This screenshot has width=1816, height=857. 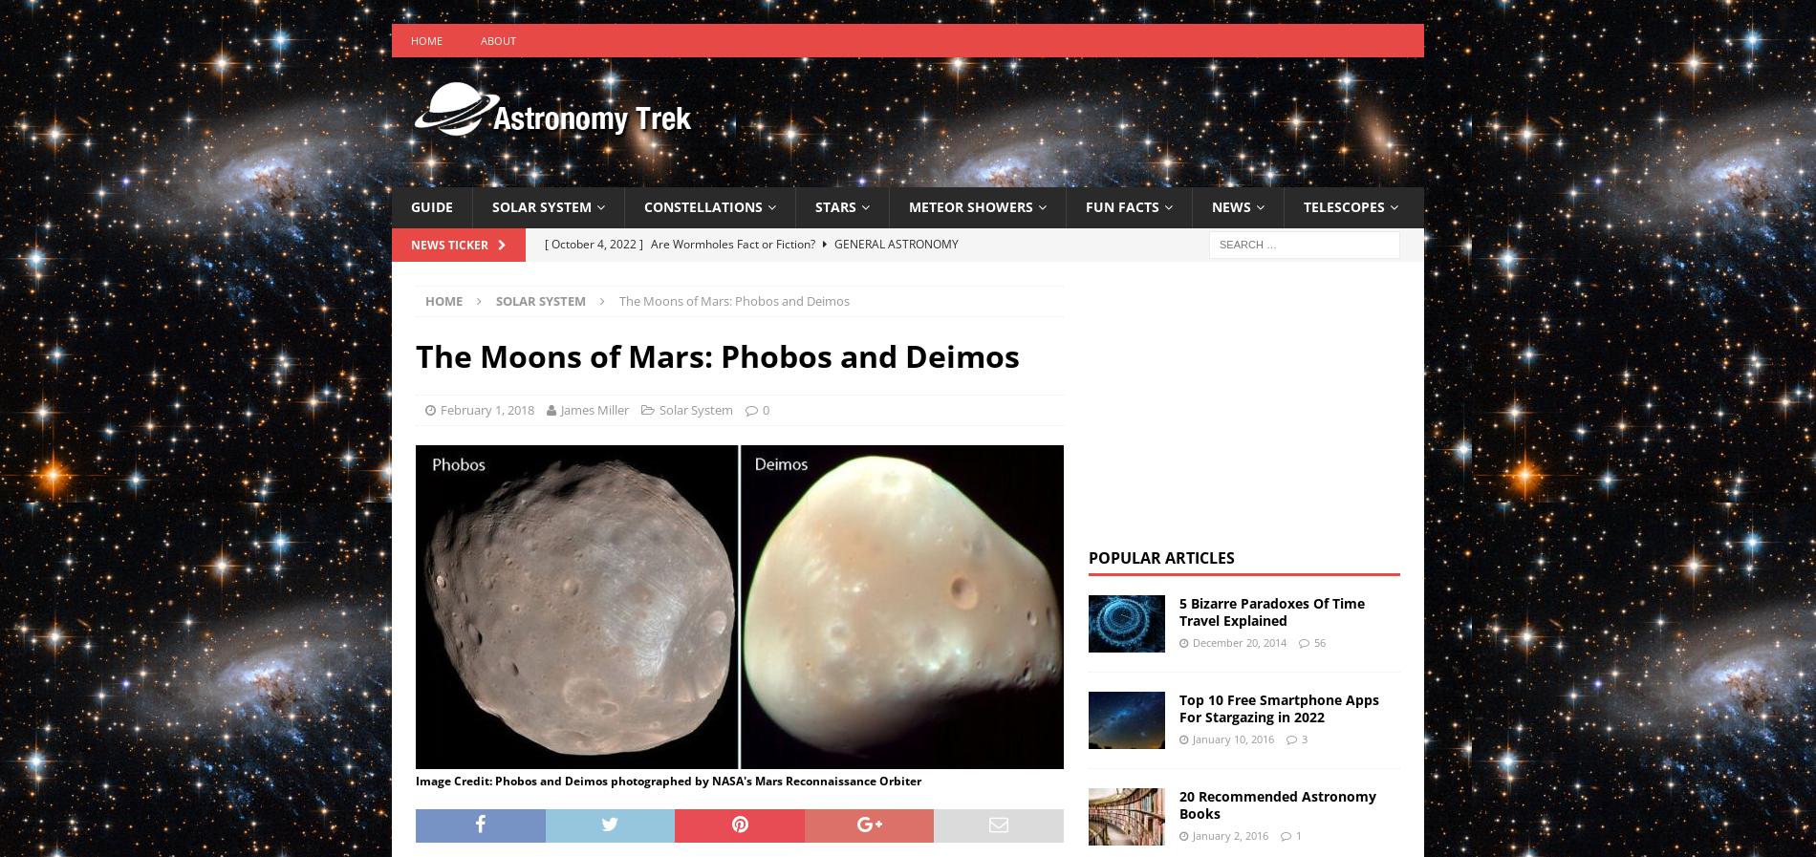 What do you see at coordinates (1228, 834) in the screenshot?
I see `'January 2, 2016'` at bounding box center [1228, 834].